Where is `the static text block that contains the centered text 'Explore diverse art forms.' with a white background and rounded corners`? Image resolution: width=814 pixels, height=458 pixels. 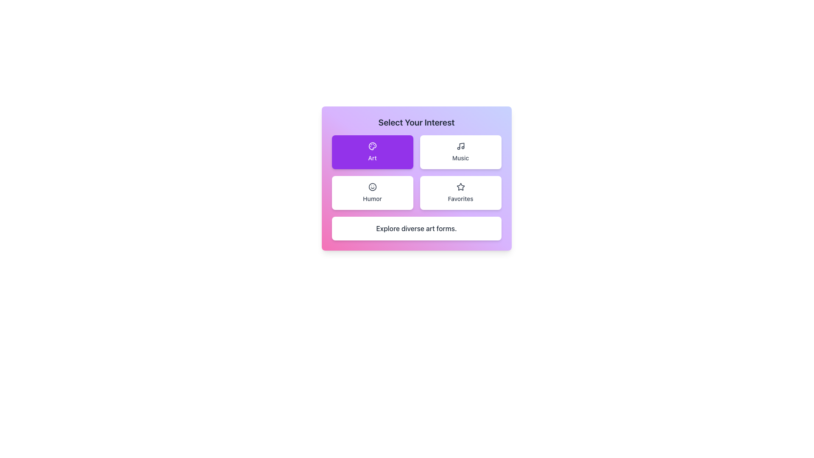
the static text block that contains the centered text 'Explore diverse art forms.' with a white background and rounded corners is located at coordinates (416, 228).